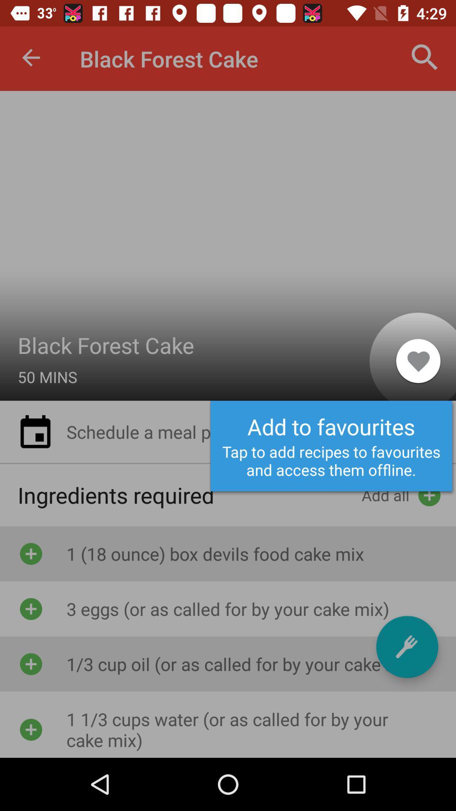 Image resolution: width=456 pixels, height=811 pixels. I want to click on the fourth add button below ingredients required, so click(30, 724).